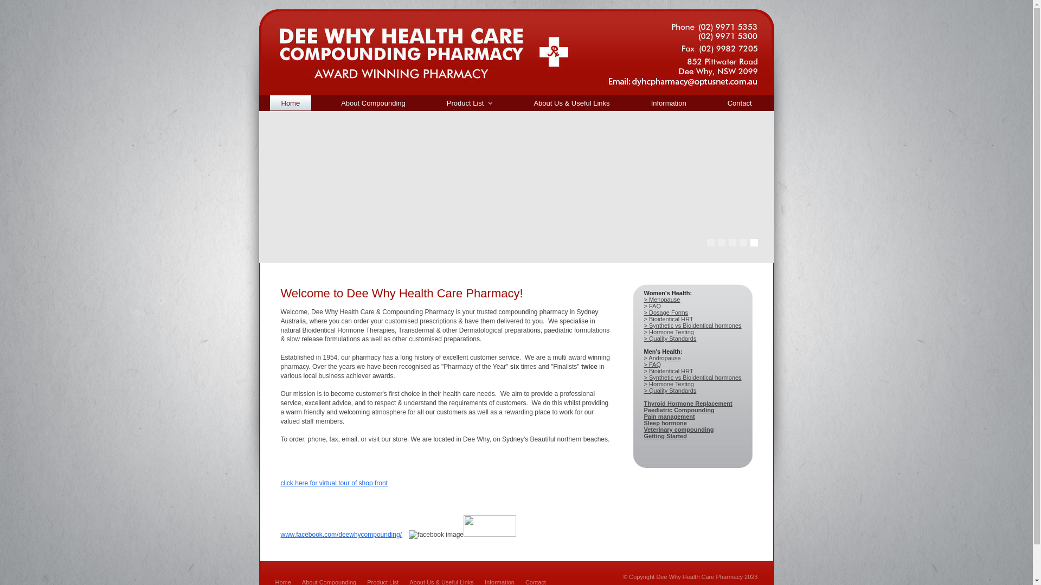 The image size is (1041, 585). I want to click on 'Paediatric Compounding', so click(678, 409).